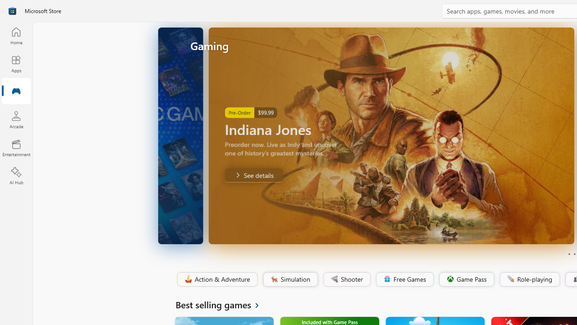 The width and height of the screenshot is (577, 325). I want to click on 'Action & Adventure', so click(216, 279).